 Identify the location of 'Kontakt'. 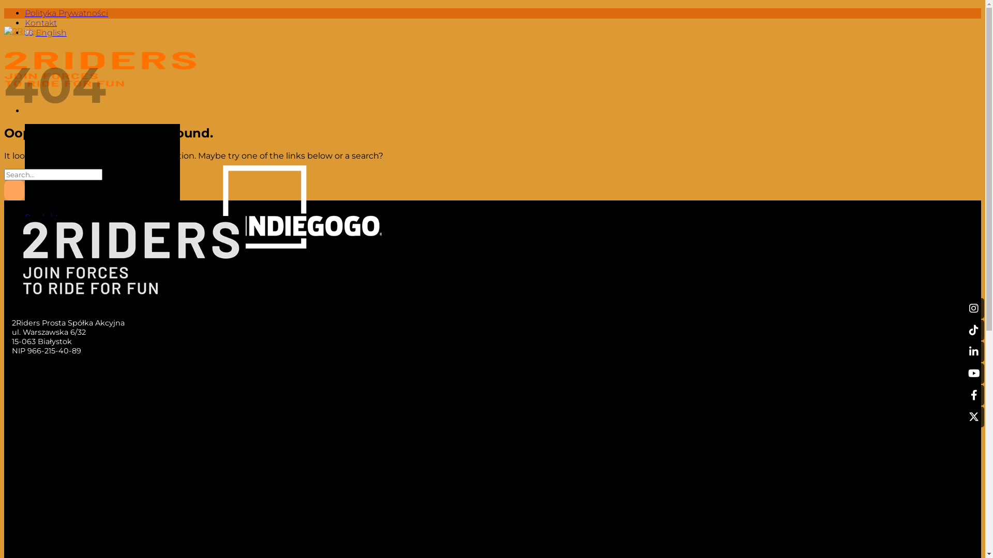
(40, 23).